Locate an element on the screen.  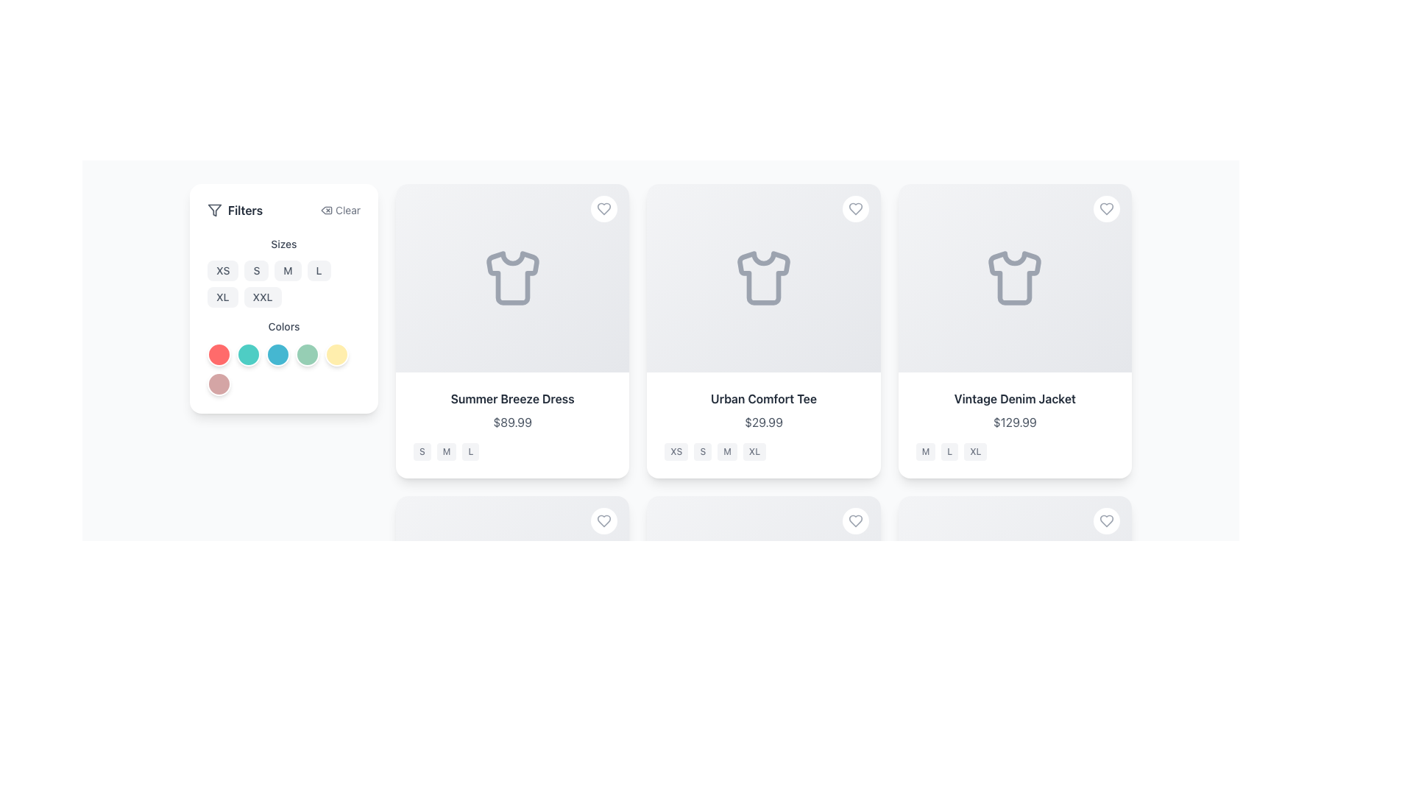
the 'favorite' toggle icon located in the top-right corner of the third product card to mark or unmark it as a favorite is located at coordinates (1106, 520).